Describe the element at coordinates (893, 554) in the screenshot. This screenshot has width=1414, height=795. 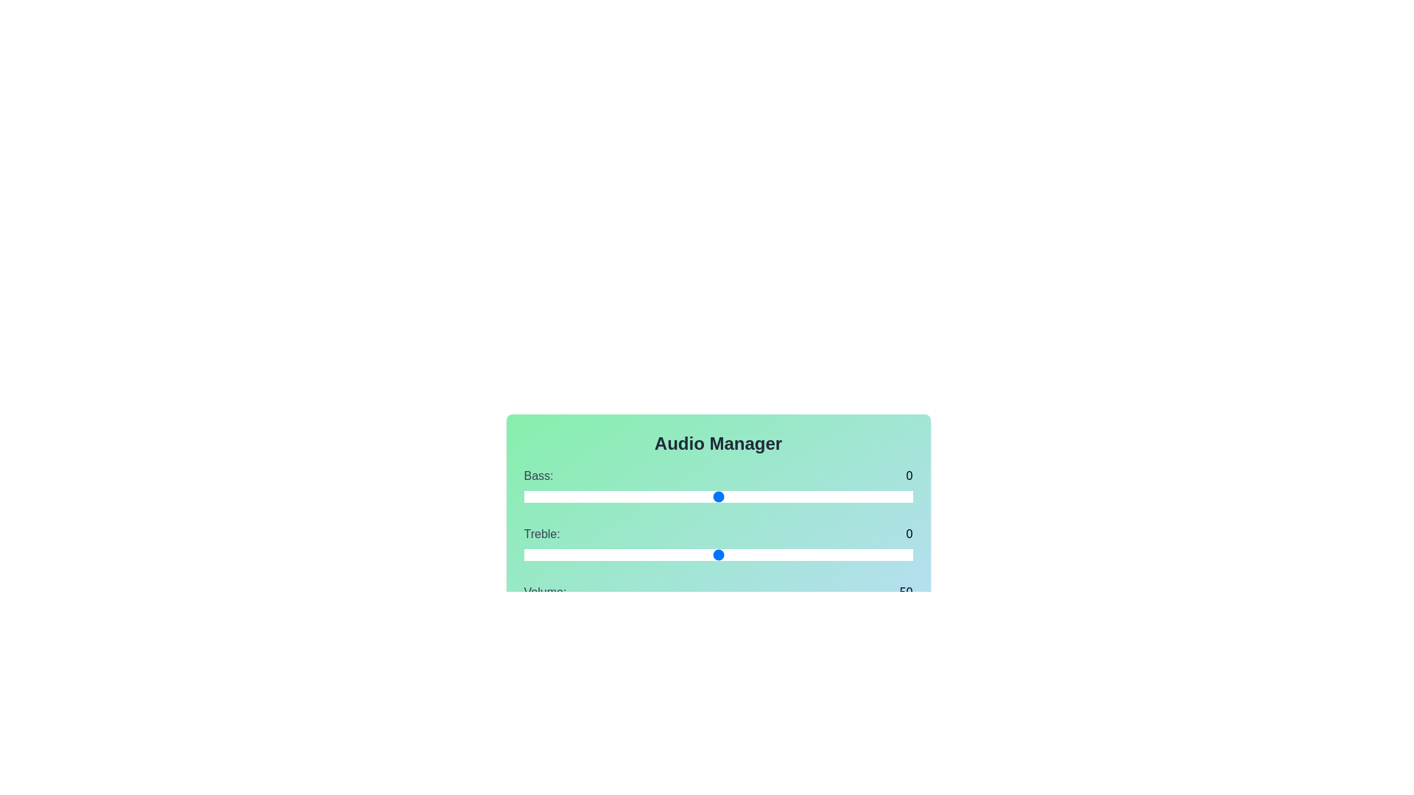
I see `the Treble slider to 9` at that location.